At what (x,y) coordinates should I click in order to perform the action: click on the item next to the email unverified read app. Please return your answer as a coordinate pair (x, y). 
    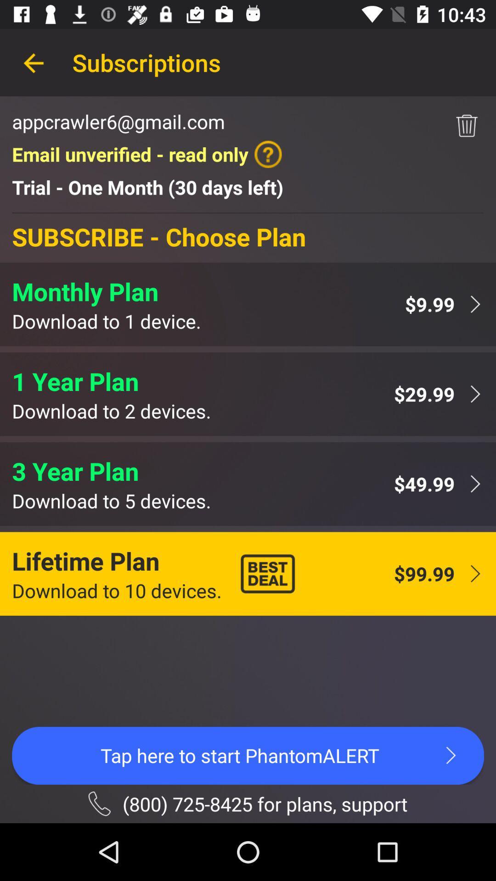
    Looking at the image, I should click on (467, 125).